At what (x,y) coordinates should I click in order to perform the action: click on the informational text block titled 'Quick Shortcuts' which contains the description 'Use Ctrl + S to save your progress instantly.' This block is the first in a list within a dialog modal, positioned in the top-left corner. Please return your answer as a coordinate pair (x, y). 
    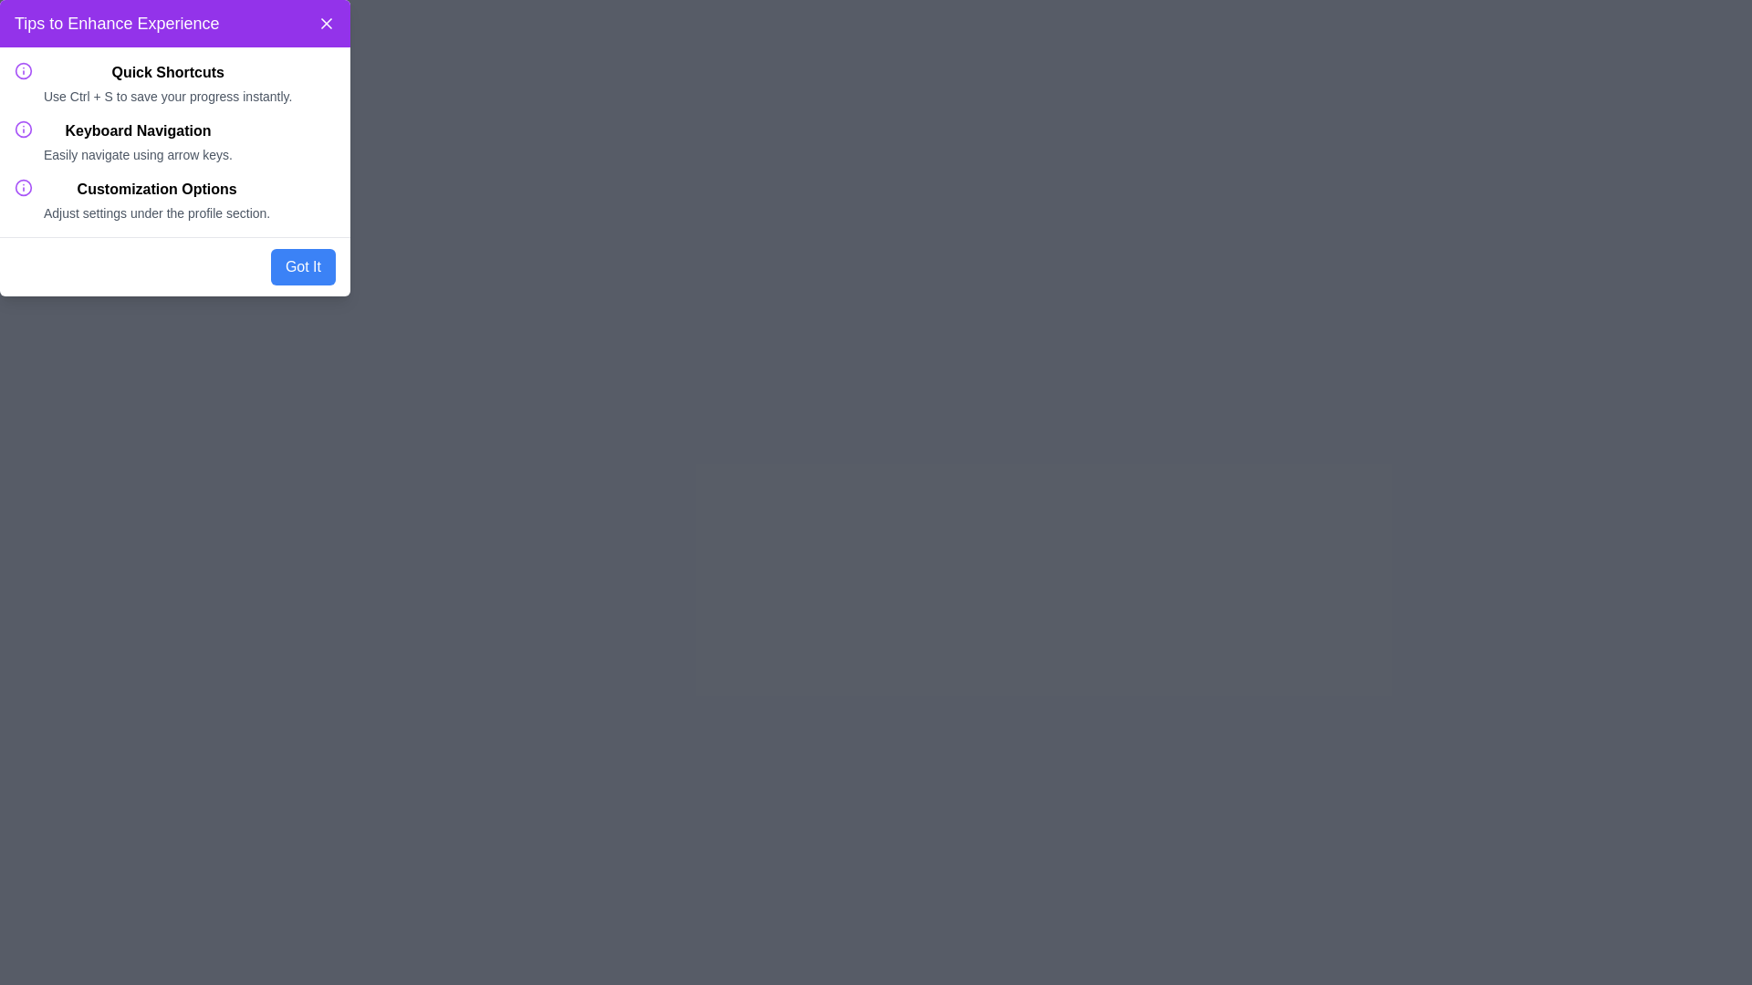
    Looking at the image, I should click on (168, 84).